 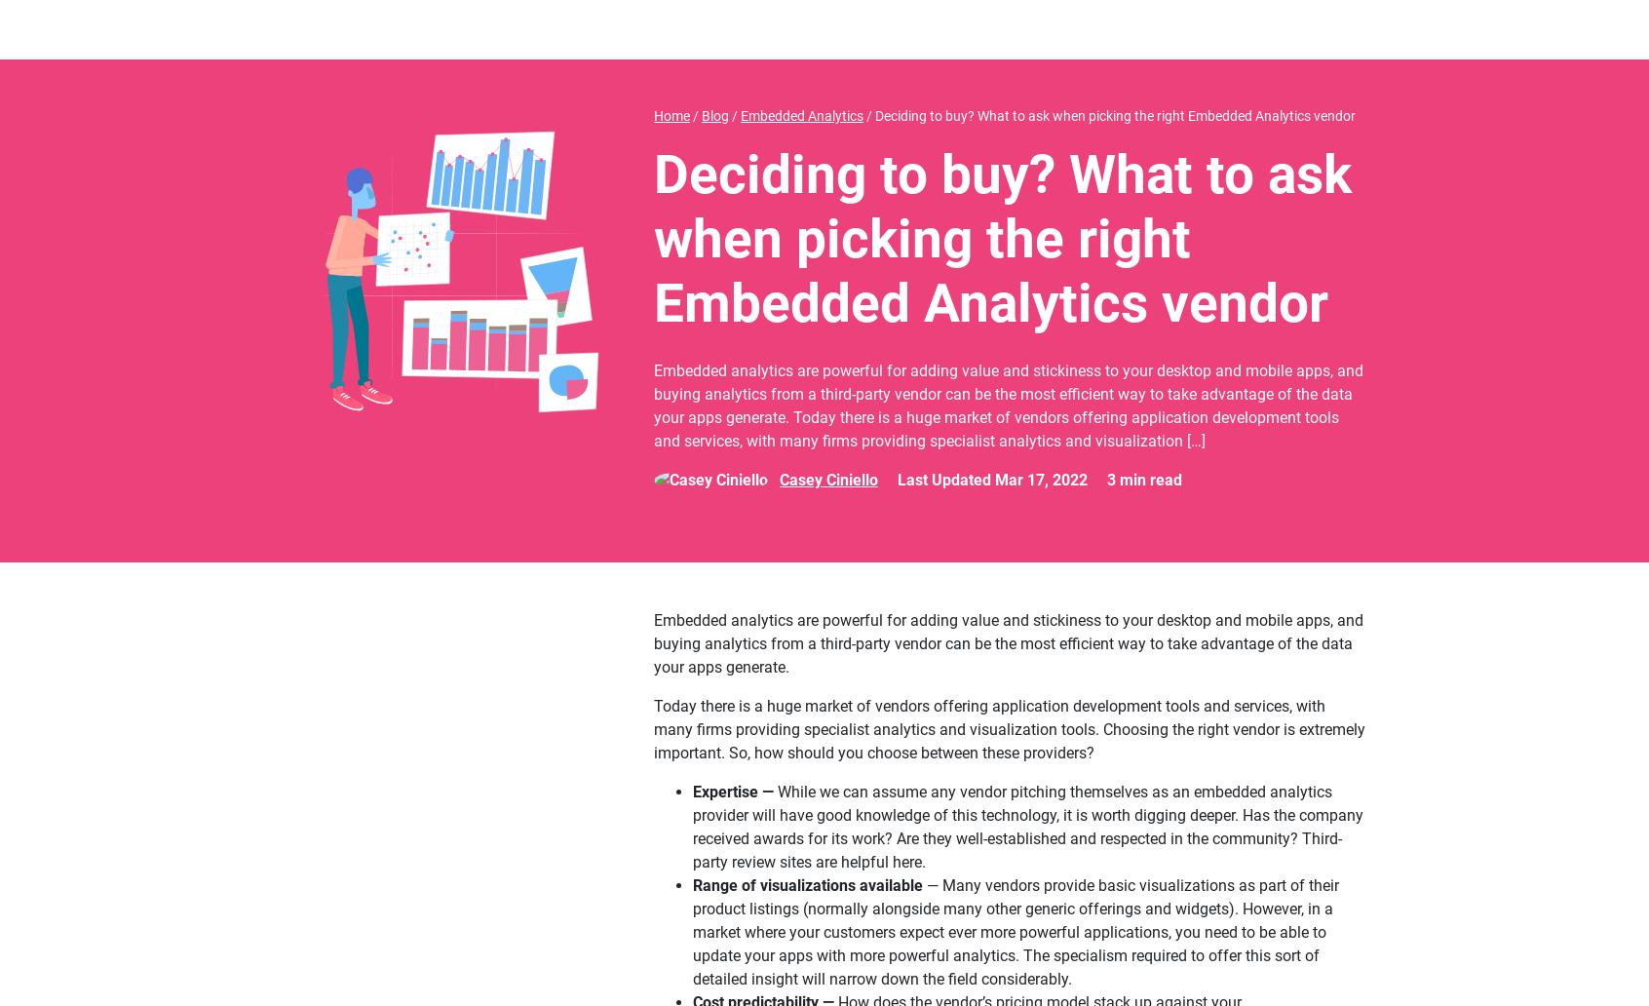 I want to click on 'Resources', so click(x=817, y=29).